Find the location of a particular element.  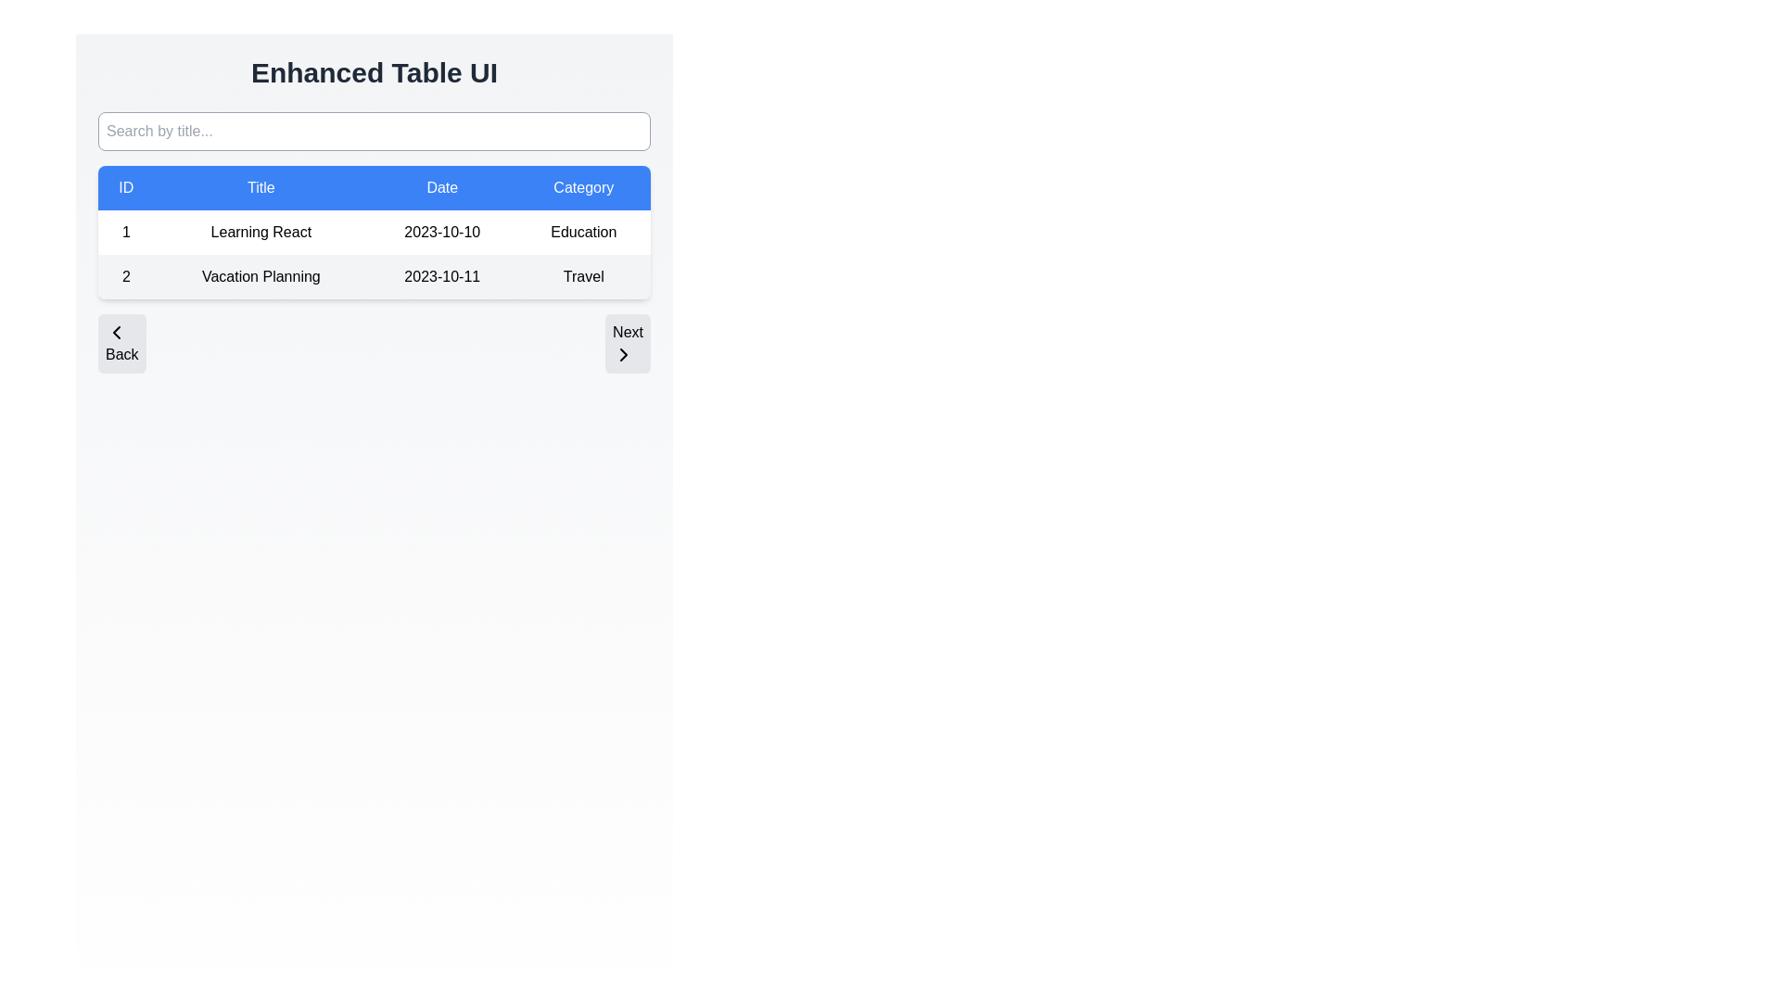

the 'Learning React' text label in the second column of the first row of the table is located at coordinates (260, 231).